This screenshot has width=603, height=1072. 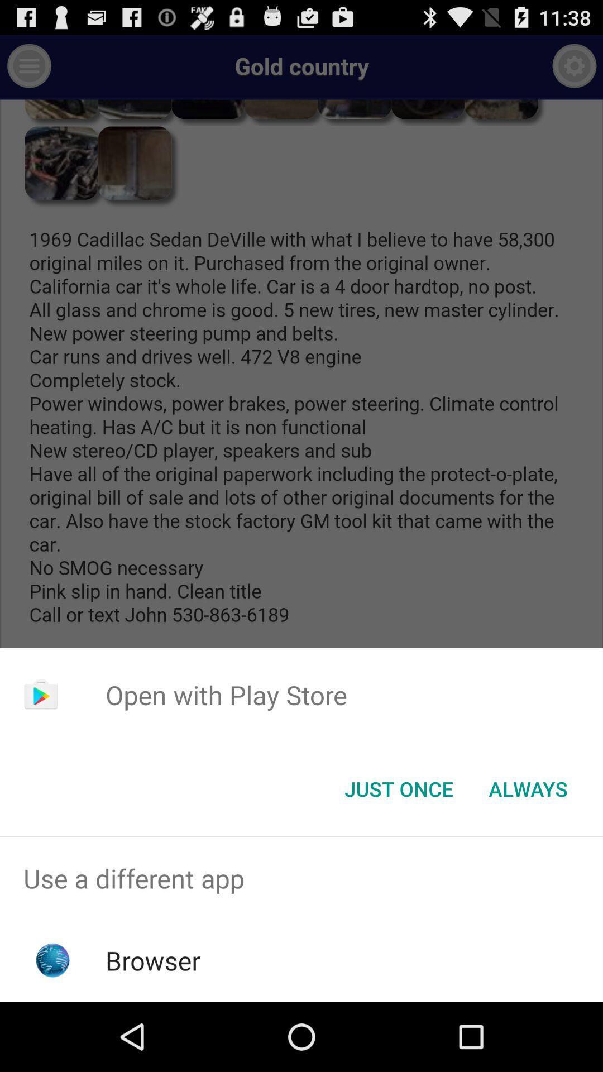 What do you see at coordinates (153, 960) in the screenshot?
I see `the browser icon` at bounding box center [153, 960].